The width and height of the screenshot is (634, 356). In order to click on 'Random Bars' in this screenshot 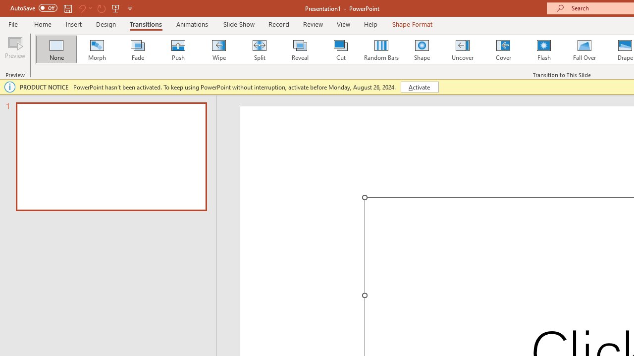, I will do `click(381, 49)`.